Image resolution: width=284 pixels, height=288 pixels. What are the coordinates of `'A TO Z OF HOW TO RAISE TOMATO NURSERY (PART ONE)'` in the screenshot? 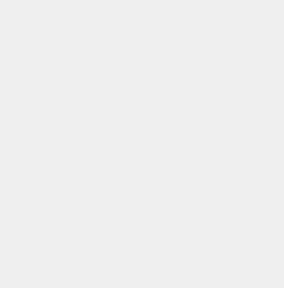 It's located at (66, 190).